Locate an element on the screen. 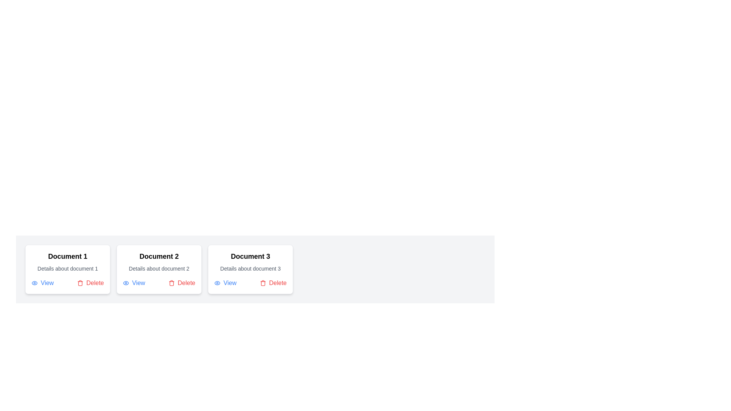  the text element that reads 'Details about document 2', which is styled in a smaller, gray-text font and located below 'Document 2' is located at coordinates (158, 268).